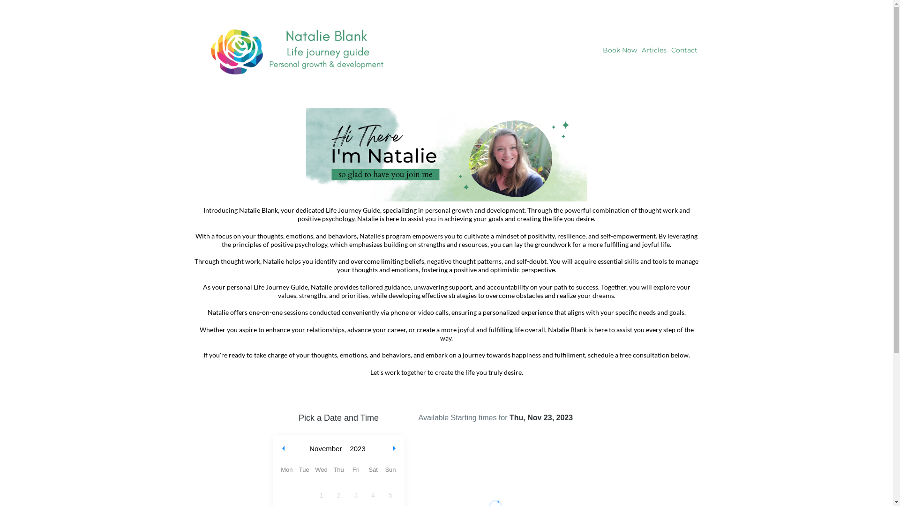 The image size is (900, 506). What do you see at coordinates (395, 448) in the screenshot?
I see `'Next month'` at bounding box center [395, 448].